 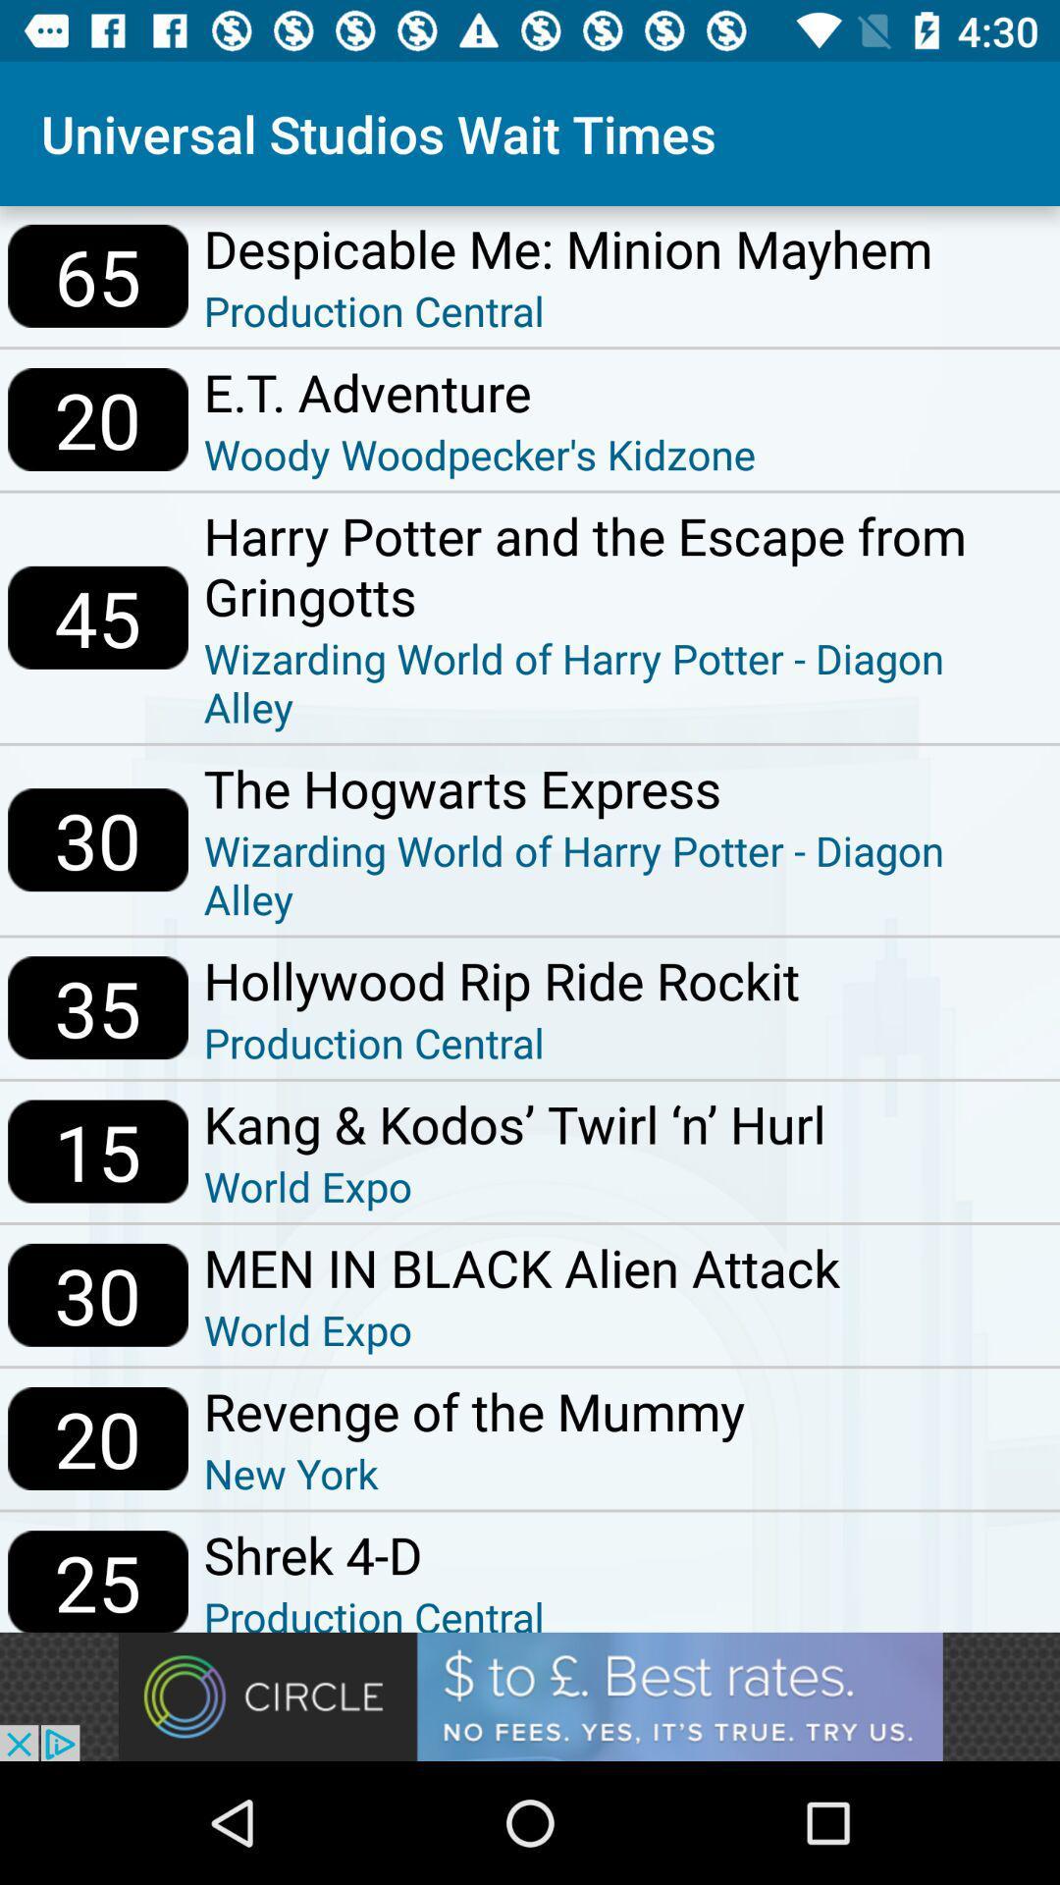 What do you see at coordinates (480, 453) in the screenshot?
I see `woody woodpecker s` at bounding box center [480, 453].